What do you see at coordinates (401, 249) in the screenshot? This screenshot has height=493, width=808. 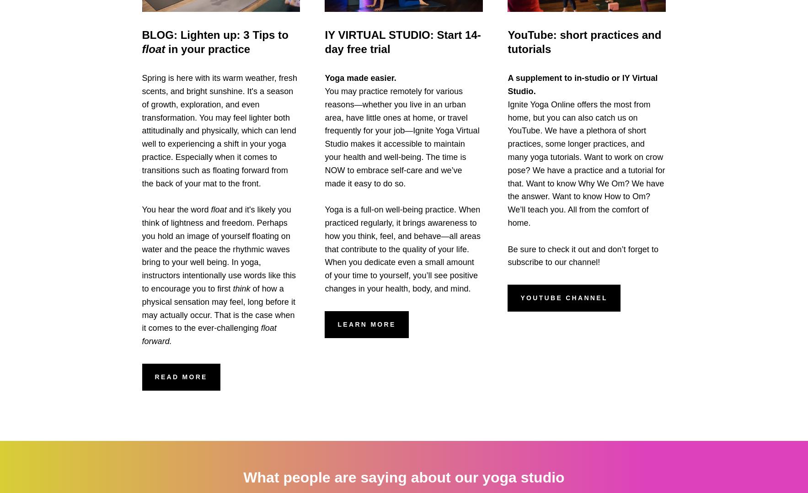 I see `'Yoga is a full-on well-being practice. When practiced regularly, it brings awareness to how you think, feel, and behave—all areas that contribute to the quality of your life. When you dedicate even a small amount of your time to yourself, you’ll see positive changes in your health, body, and mind.'` at bounding box center [401, 249].